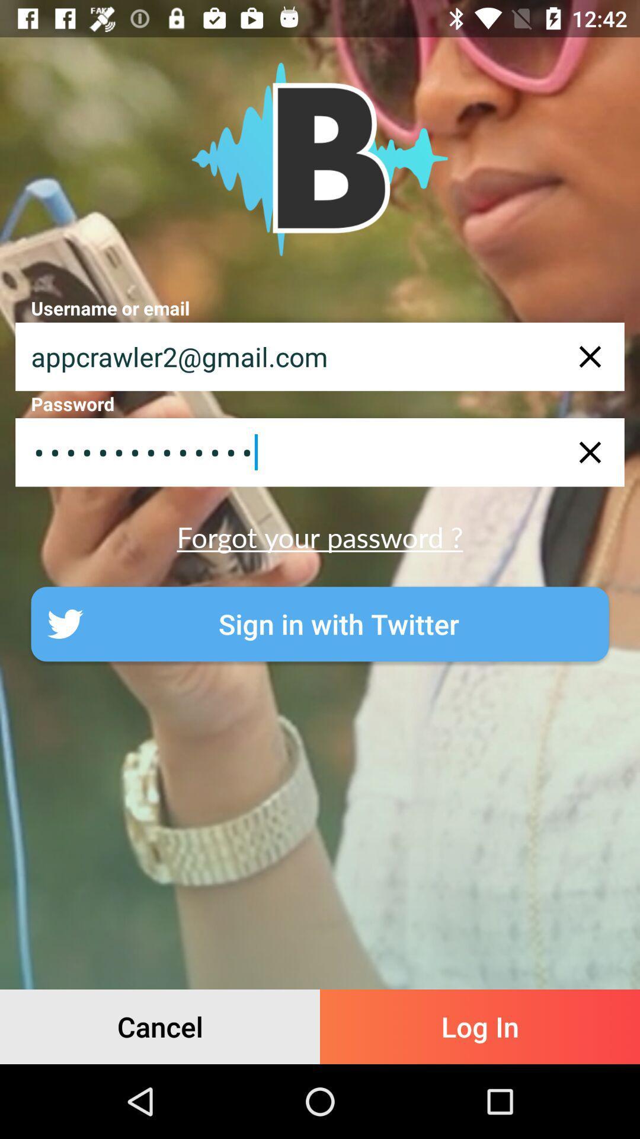  I want to click on the sign in with, so click(320, 623).